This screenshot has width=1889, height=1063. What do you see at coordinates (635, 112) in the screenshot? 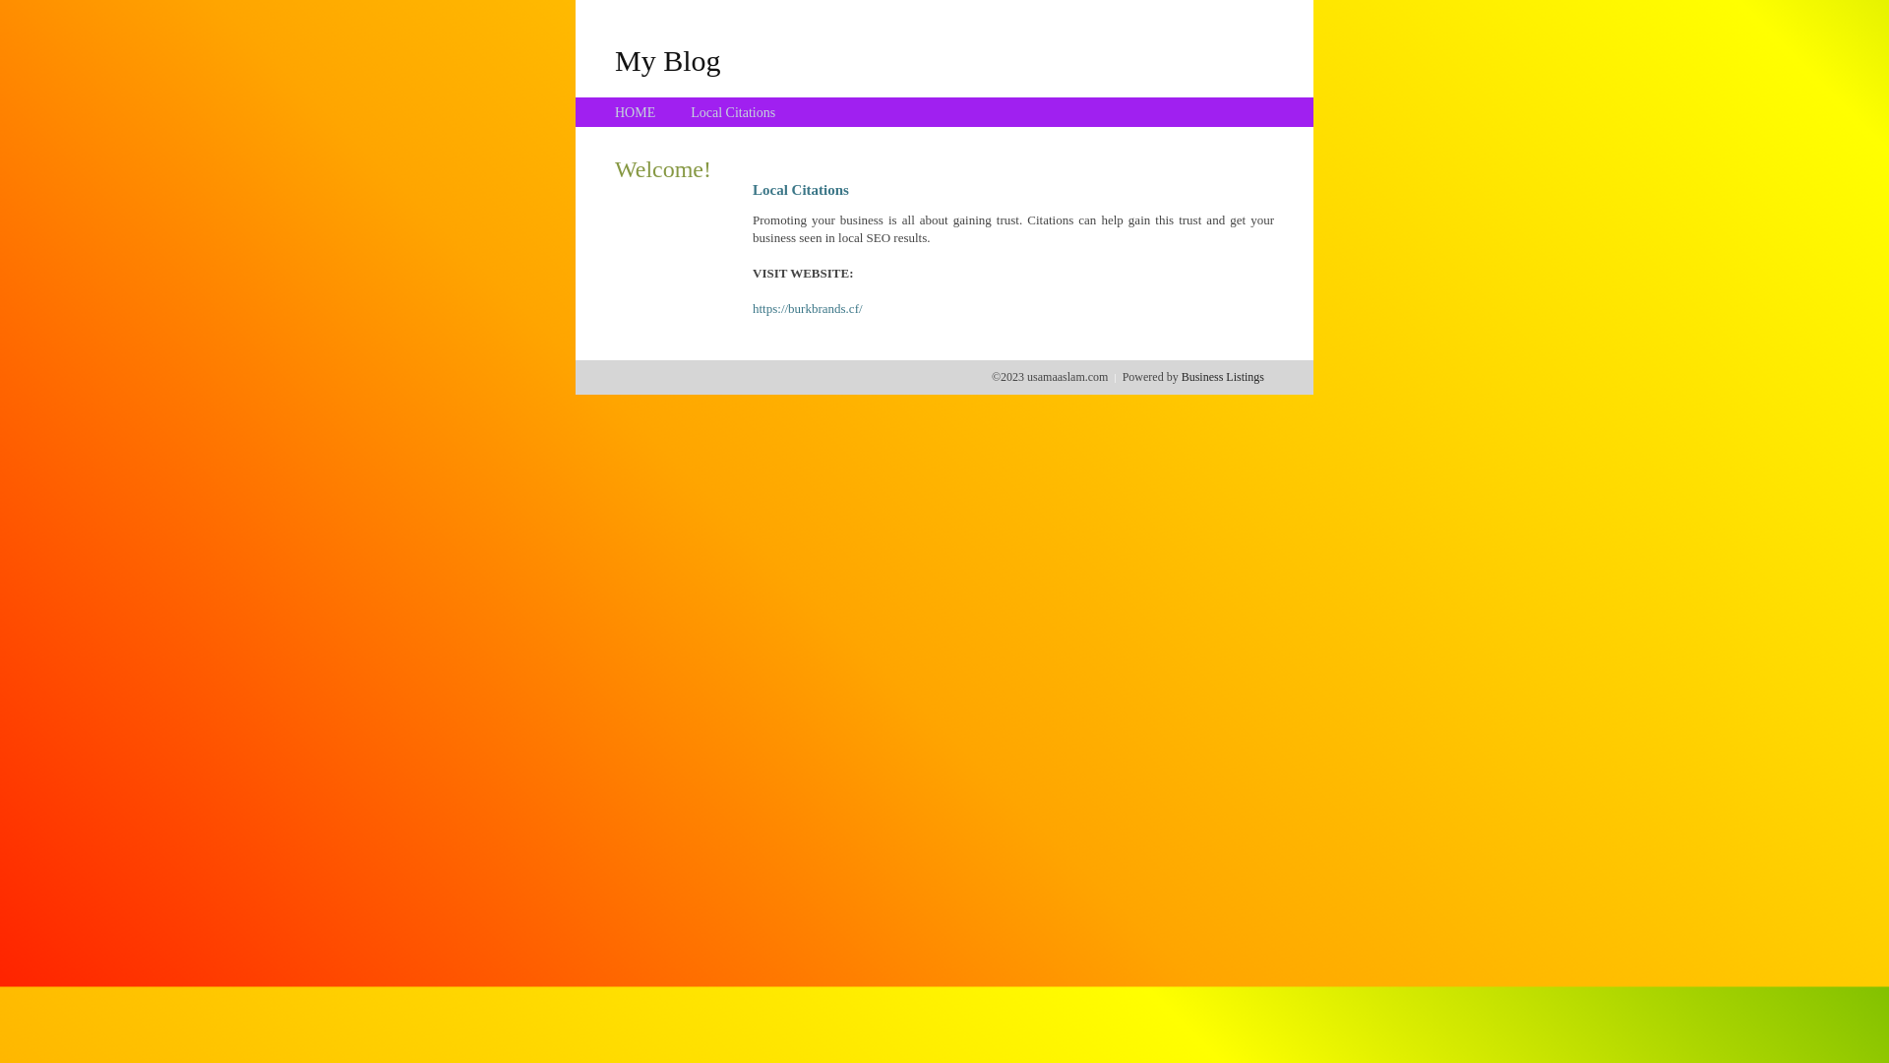
I see `'HOME'` at bounding box center [635, 112].